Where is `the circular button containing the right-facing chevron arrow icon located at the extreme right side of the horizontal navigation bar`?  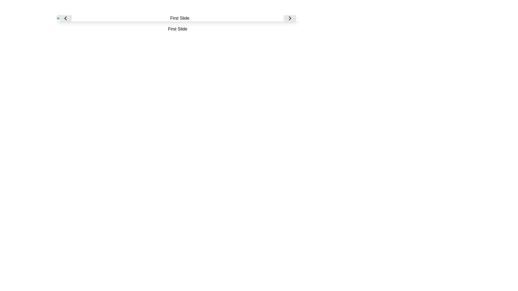 the circular button containing the right-facing chevron arrow icon located at the extreme right side of the horizontal navigation bar is located at coordinates (289, 18).